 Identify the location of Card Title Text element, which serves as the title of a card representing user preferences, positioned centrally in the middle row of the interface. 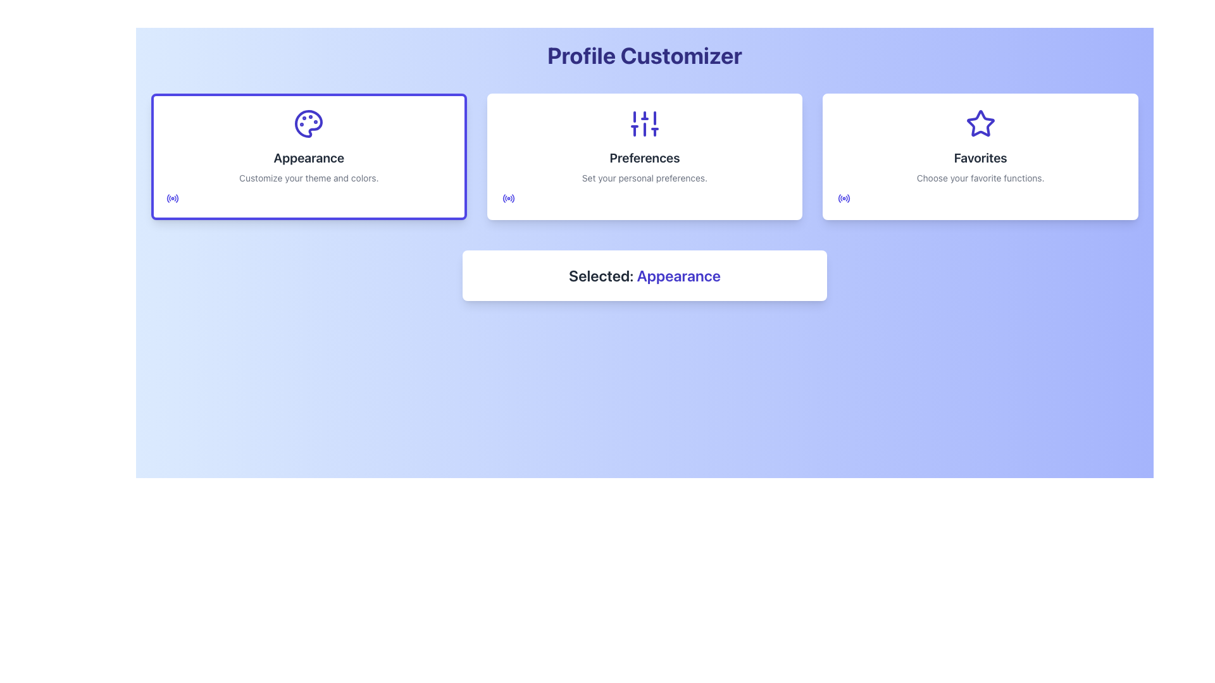
(644, 157).